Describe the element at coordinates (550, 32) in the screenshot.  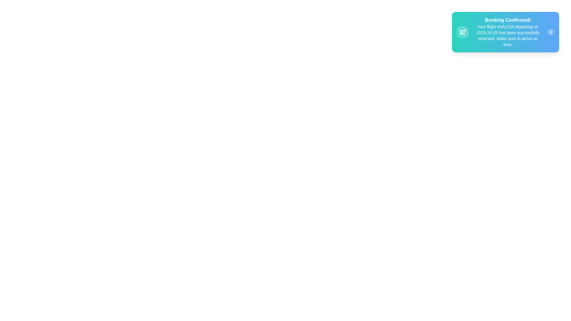
I see `the close button located at the top-right corner of the notification card` at that location.